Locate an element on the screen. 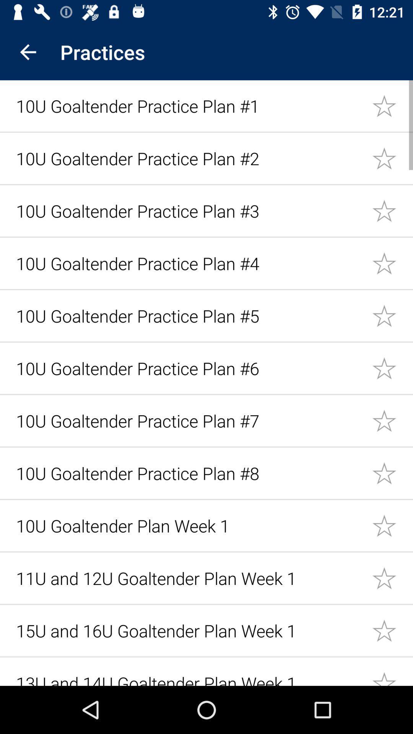  your practices weeks is located at coordinates (392, 525).